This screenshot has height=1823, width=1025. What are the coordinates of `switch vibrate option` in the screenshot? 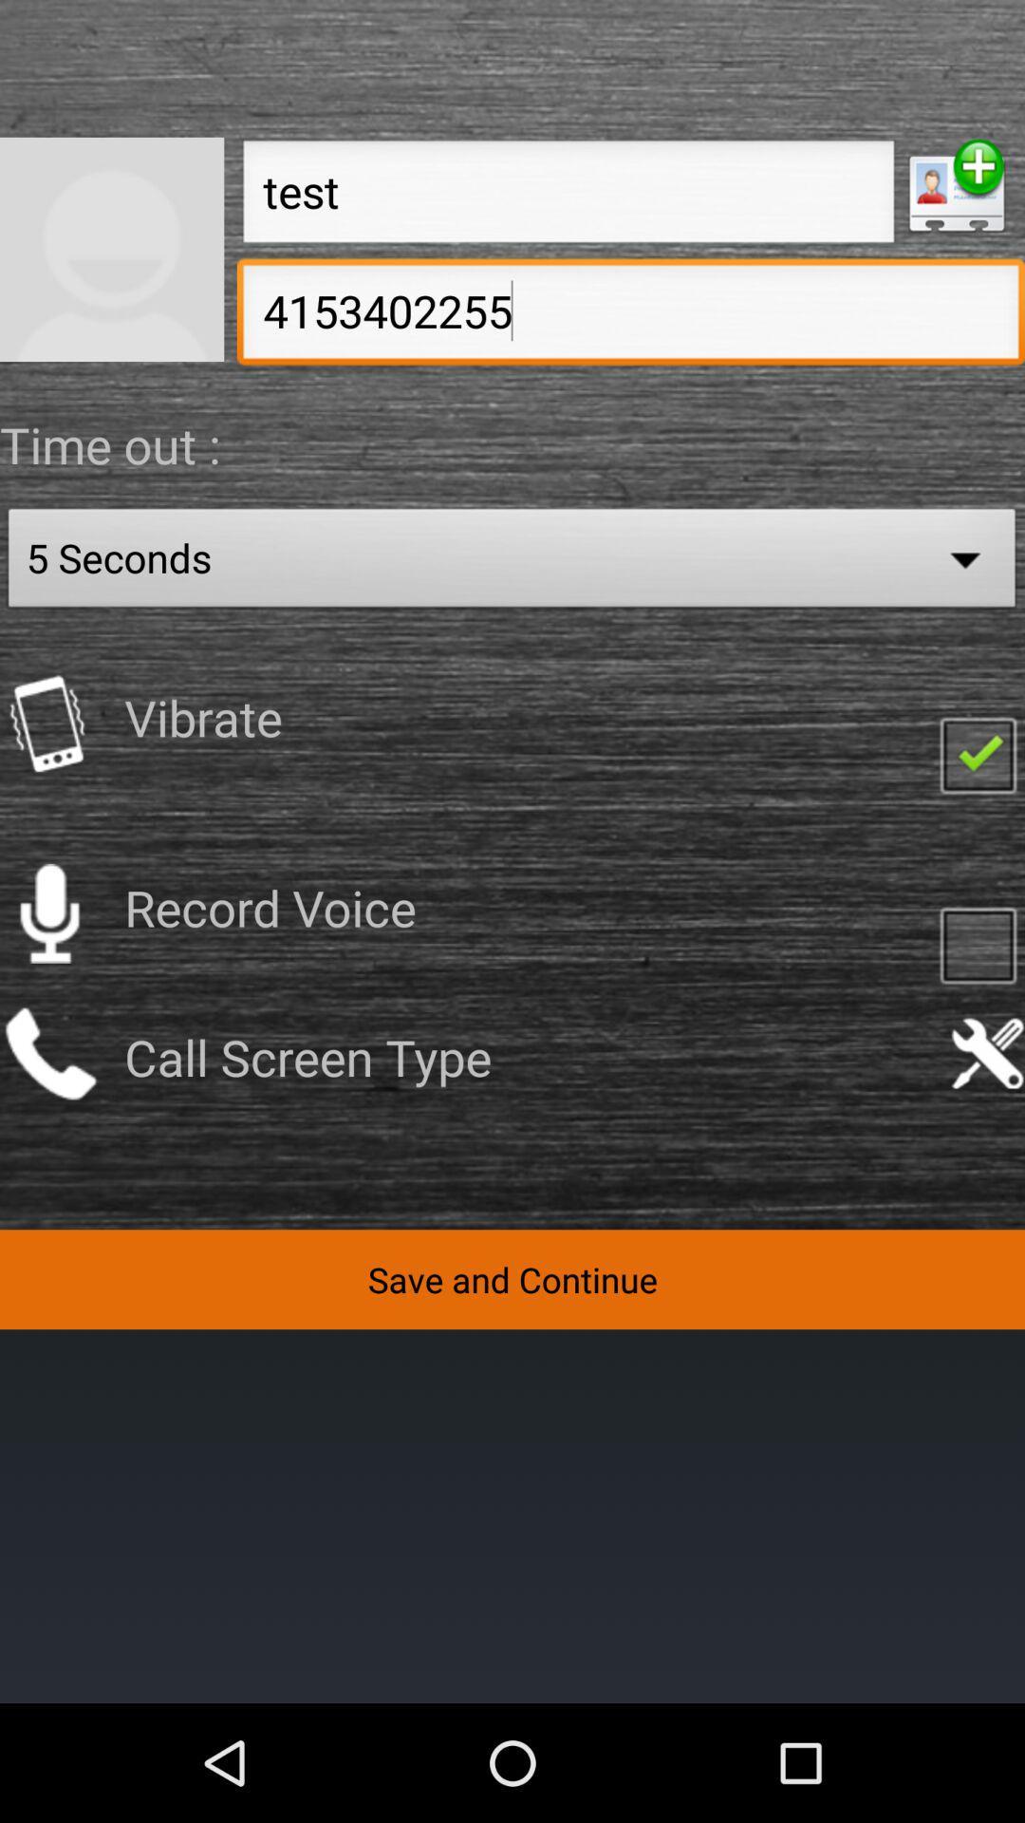 It's located at (48, 723).